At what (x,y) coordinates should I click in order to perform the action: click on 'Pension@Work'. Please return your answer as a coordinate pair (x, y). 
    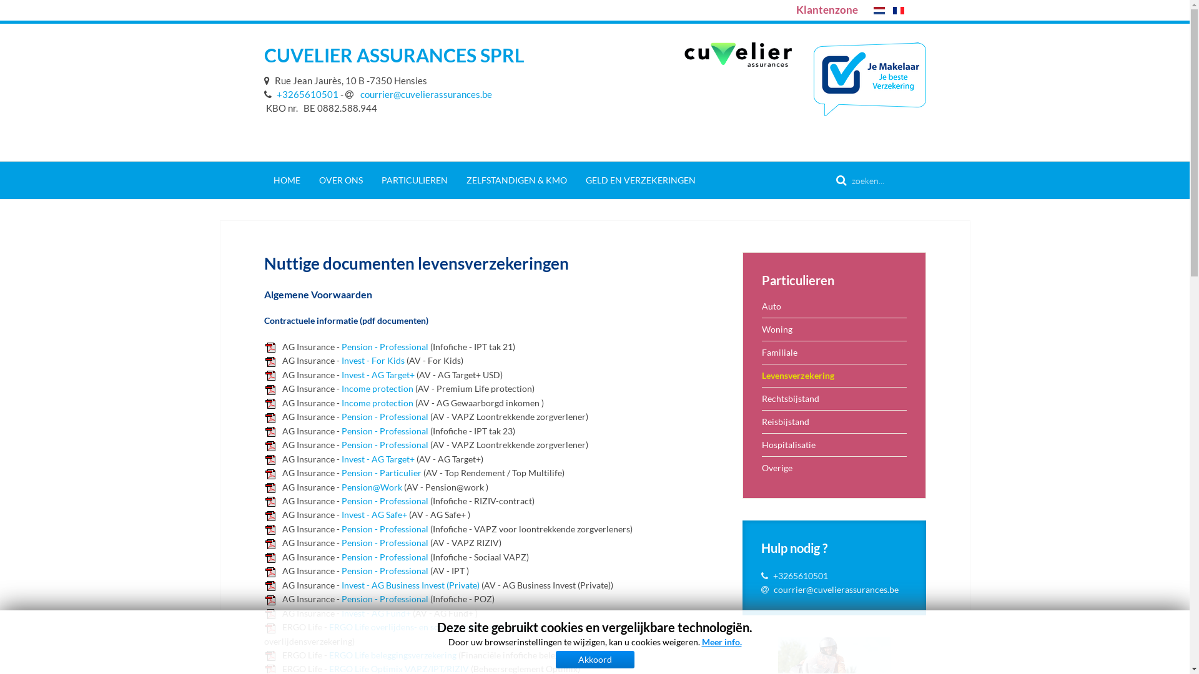
    Looking at the image, I should click on (370, 486).